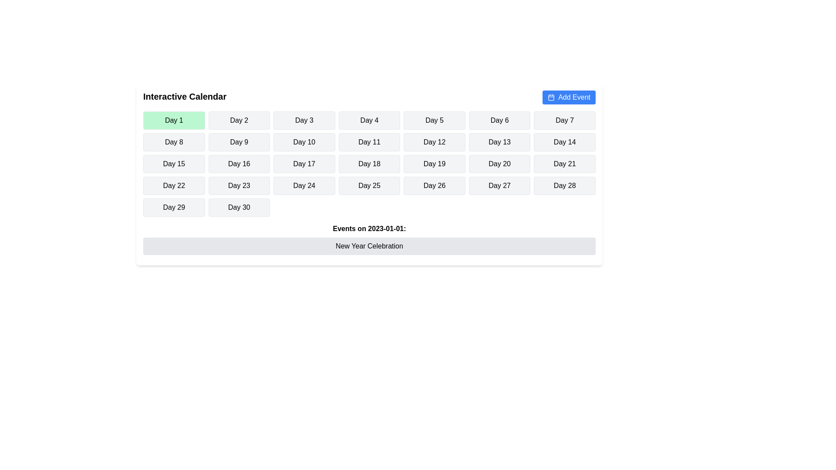 This screenshot has width=836, height=470. Describe the element at coordinates (499, 185) in the screenshot. I see `the button representing the 27th day in the calendar interface` at that location.